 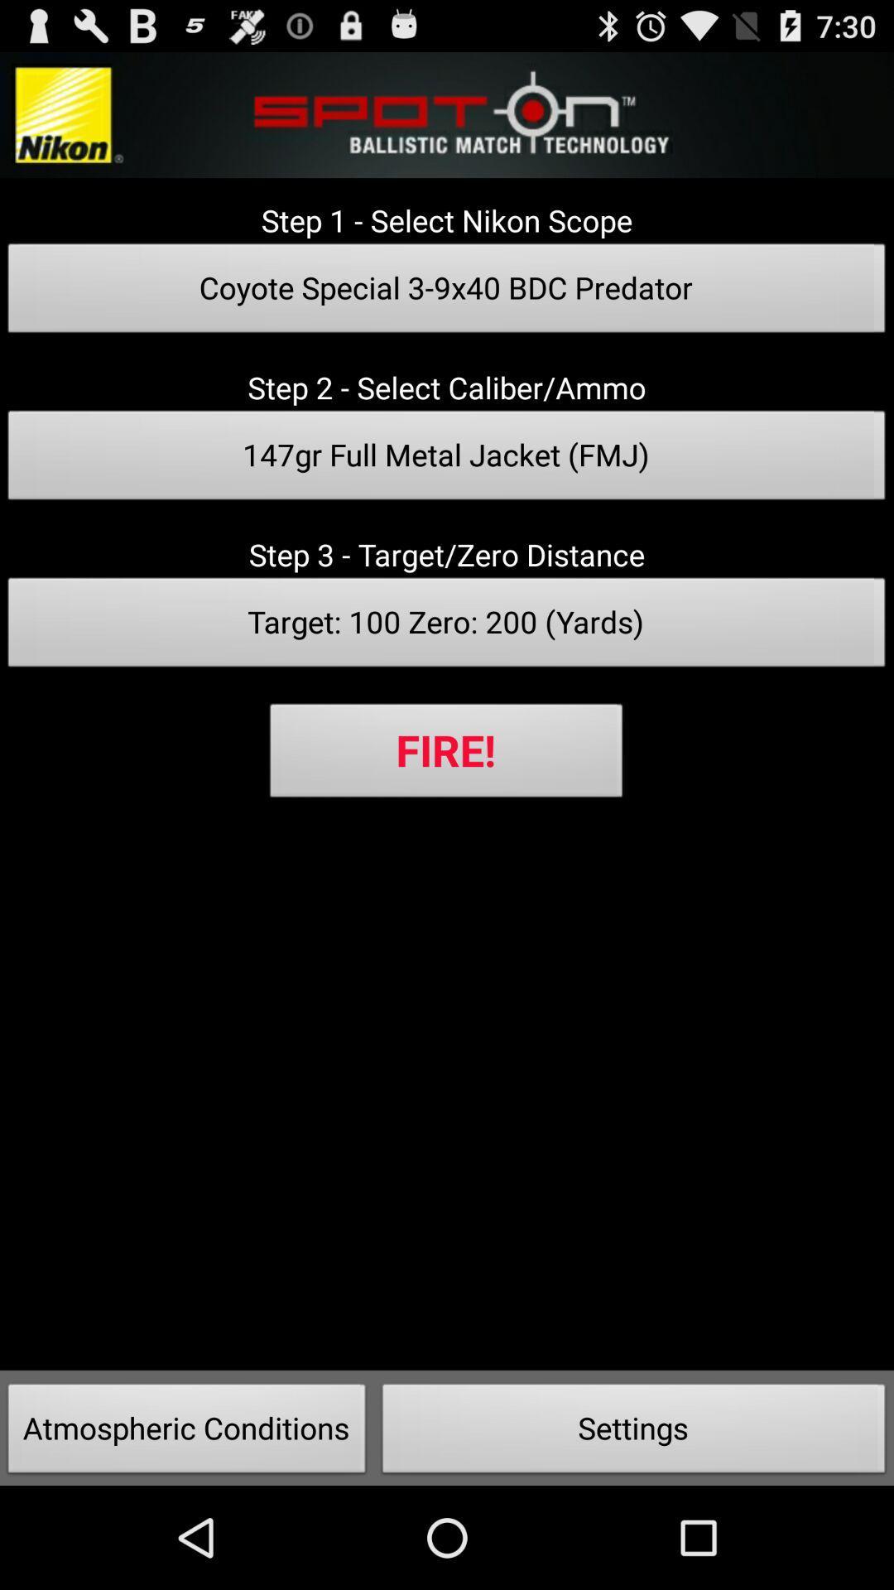 I want to click on the icon above fire! button, so click(x=447, y=626).